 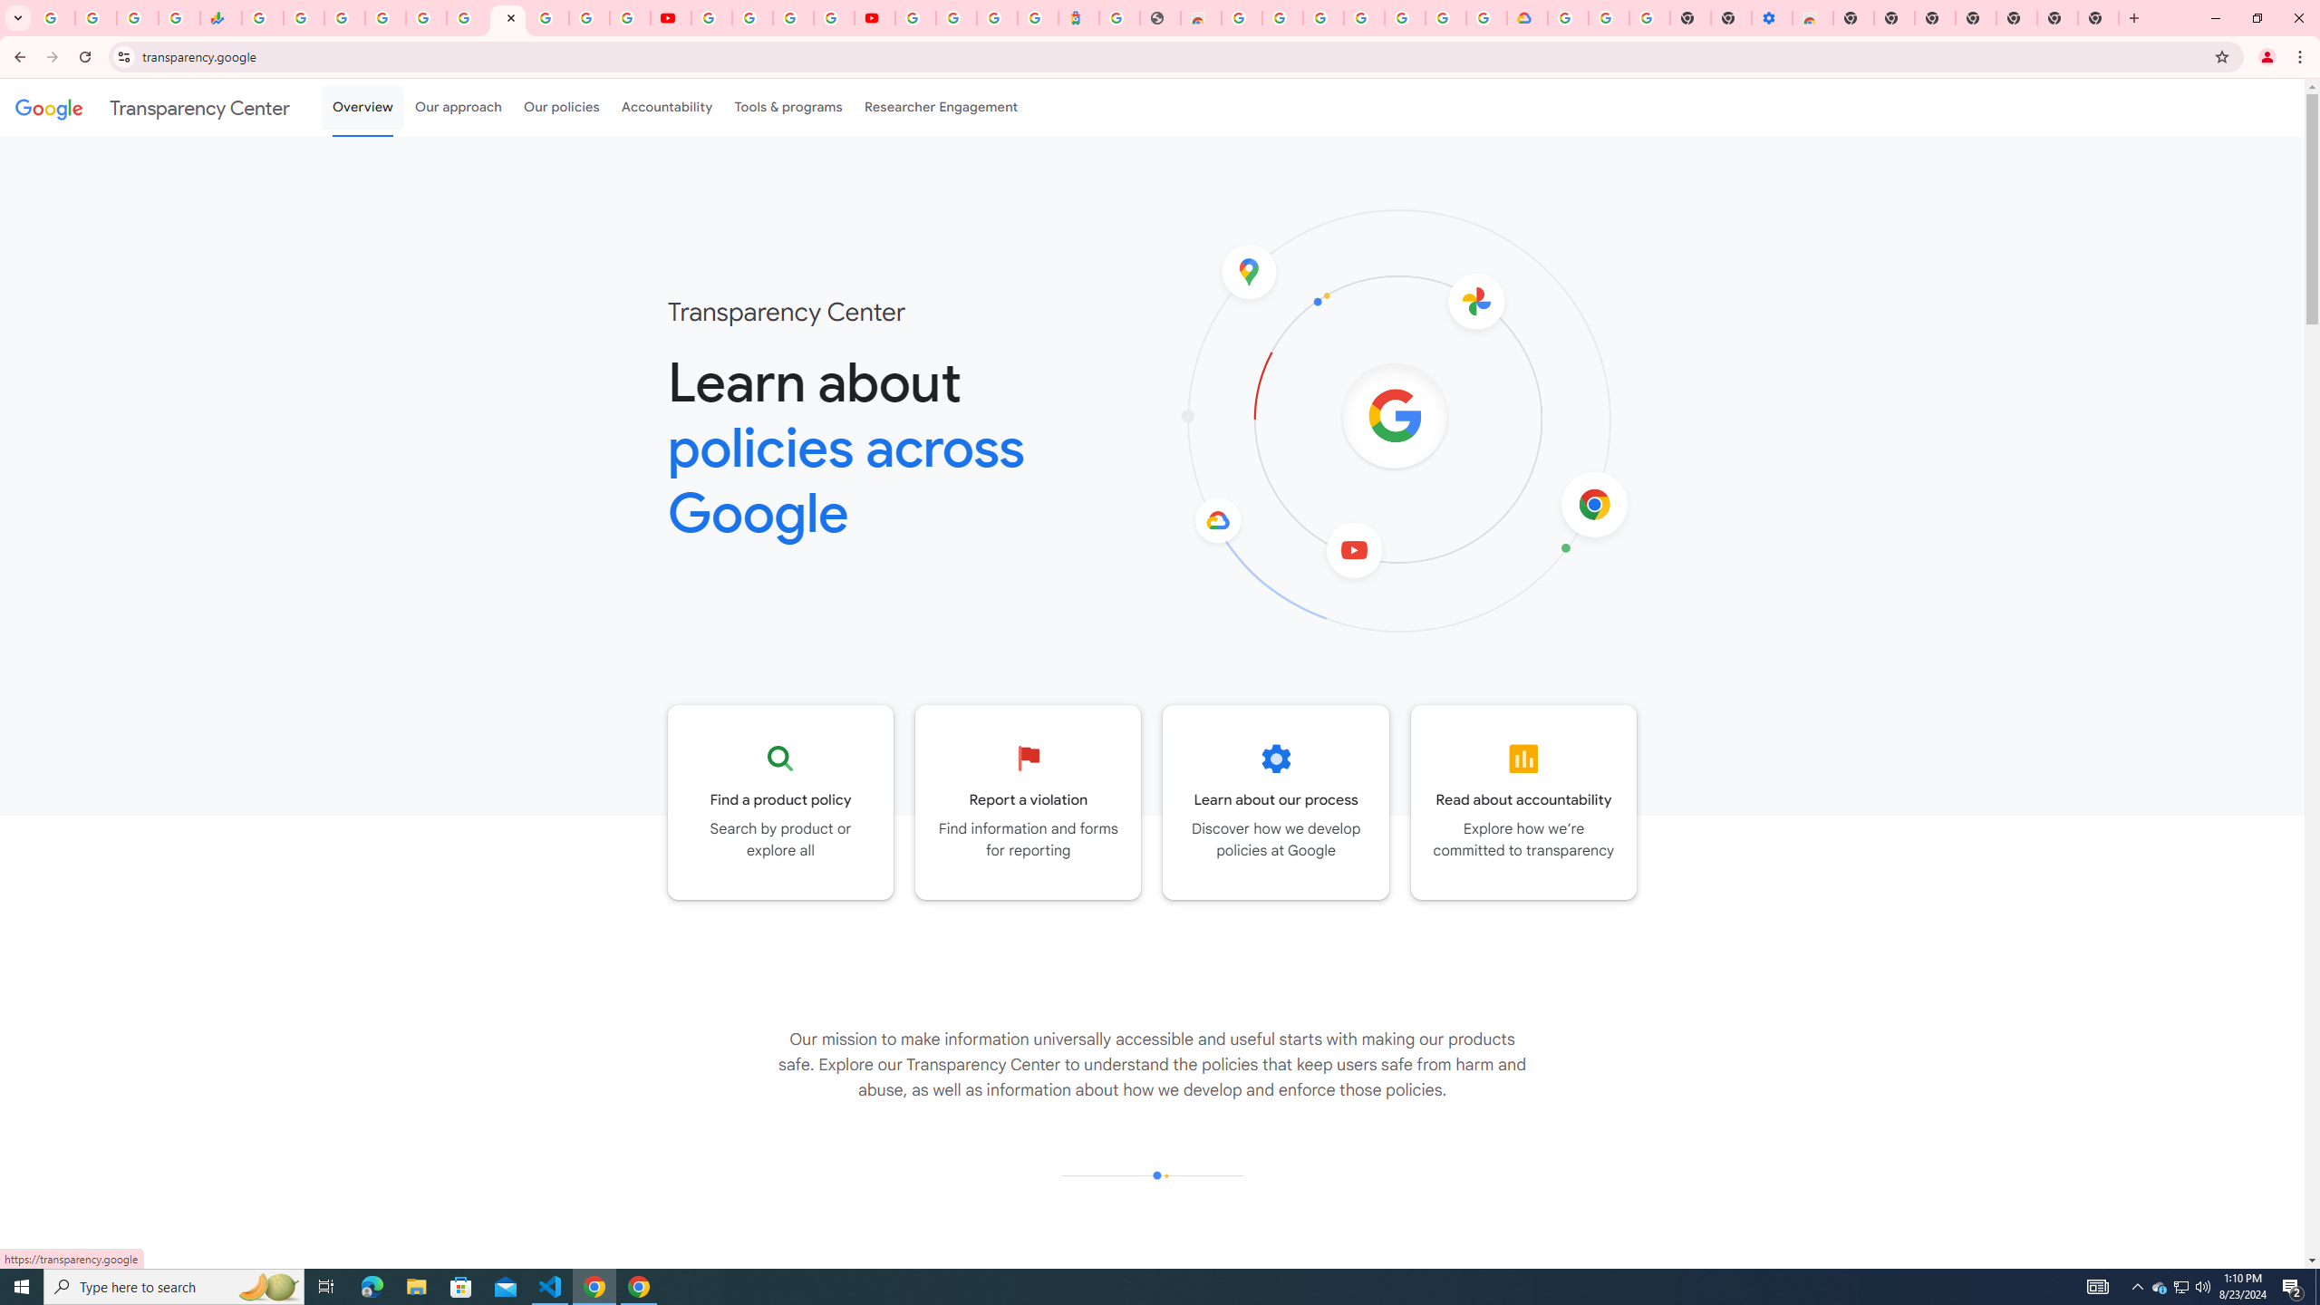 I want to click on 'Turn cookies on or off - Computer - Google Account Help', so click(x=1648, y=17).